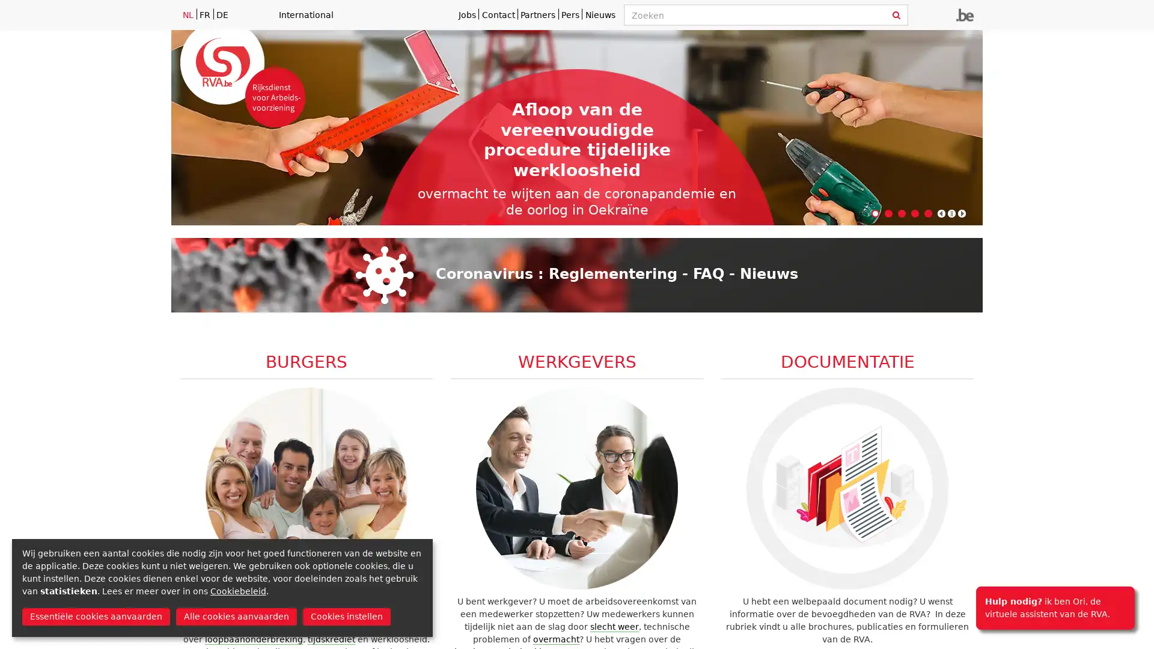 This screenshot has height=649, width=1154. Describe the element at coordinates (236, 617) in the screenshot. I see `Alle cookies aanvaarden` at that location.